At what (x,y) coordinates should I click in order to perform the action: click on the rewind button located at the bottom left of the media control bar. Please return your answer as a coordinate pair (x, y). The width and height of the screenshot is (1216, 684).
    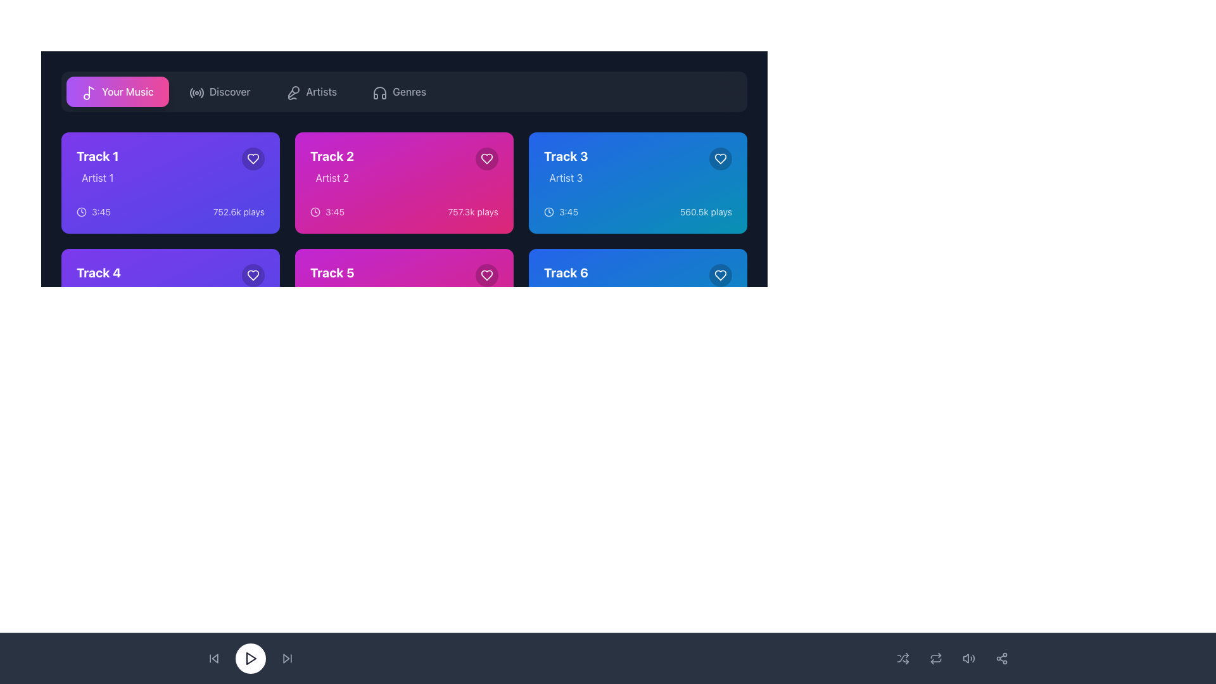
    Looking at the image, I should click on (215, 658).